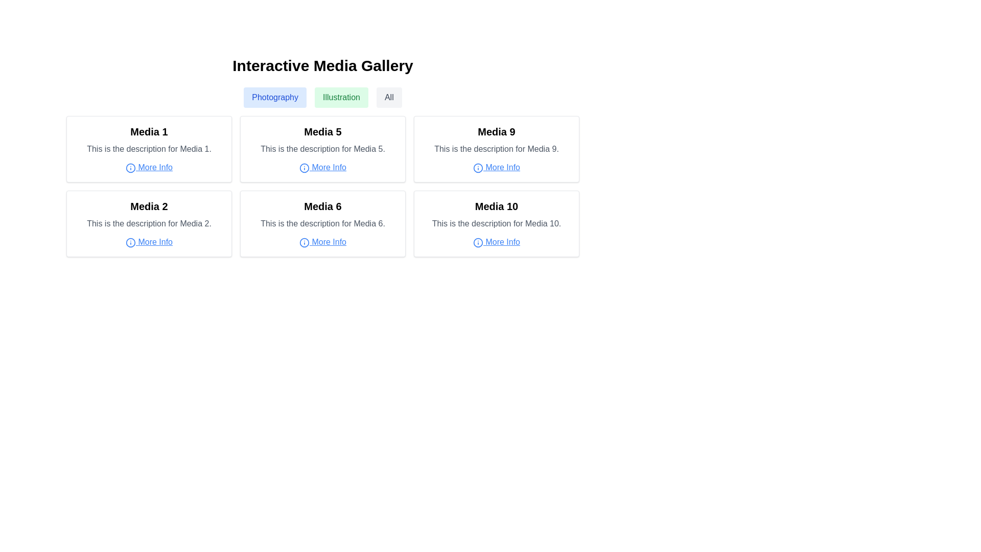 Image resolution: width=981 pixels, height=552 pixels. What do you see at coordinates (496, 149) in the screenshot?
I see `the 'More Info' link at the bottom of the Content card titled 'Media 9'` at bounding box center [496, 149].